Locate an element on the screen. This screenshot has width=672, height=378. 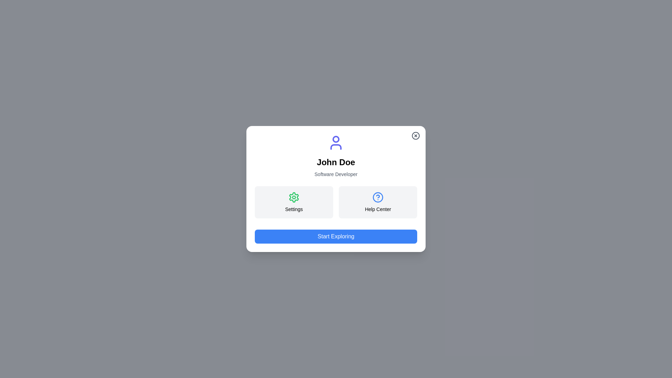
the circular 'x' button located at the top-right corner of the profile information card using keyboard navigation is located at coordinates (416, 136).